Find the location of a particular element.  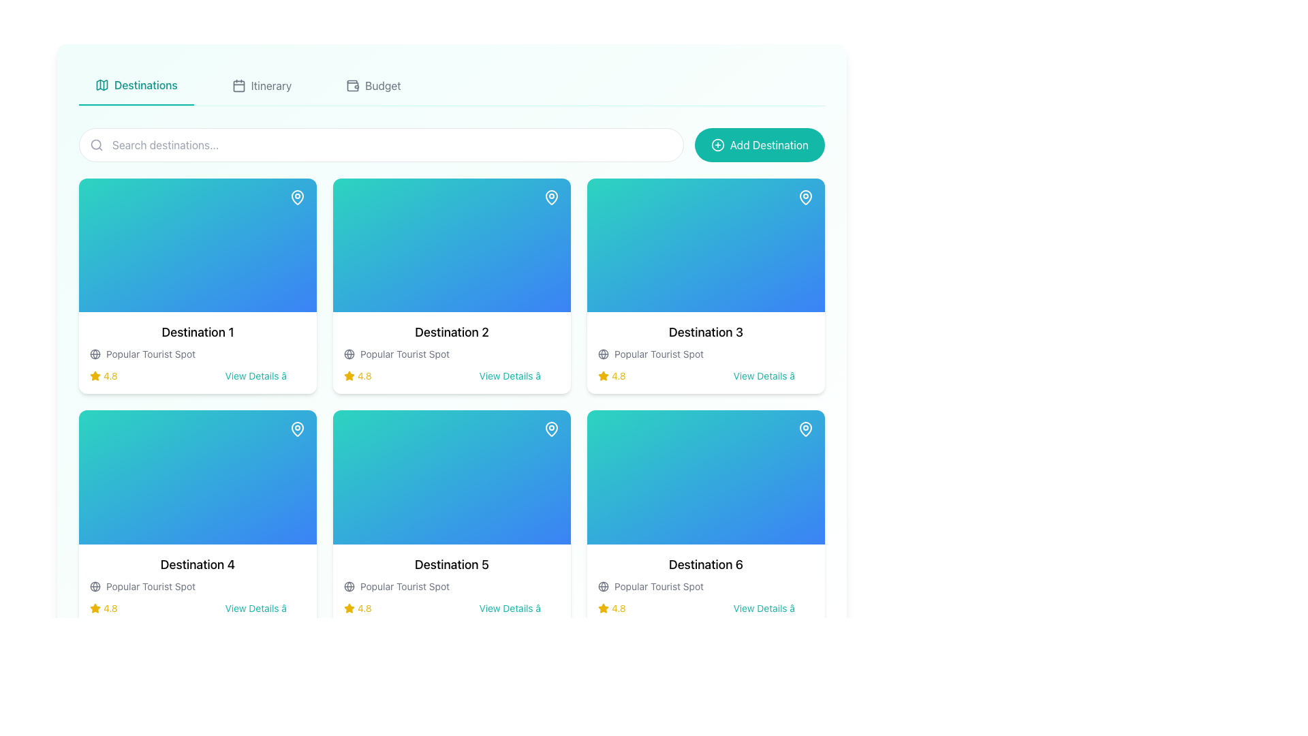

the map pin icon located at the top-right corner of the card labeled 'Destination 5' in the grid layout is located at coordinates (552, 428).